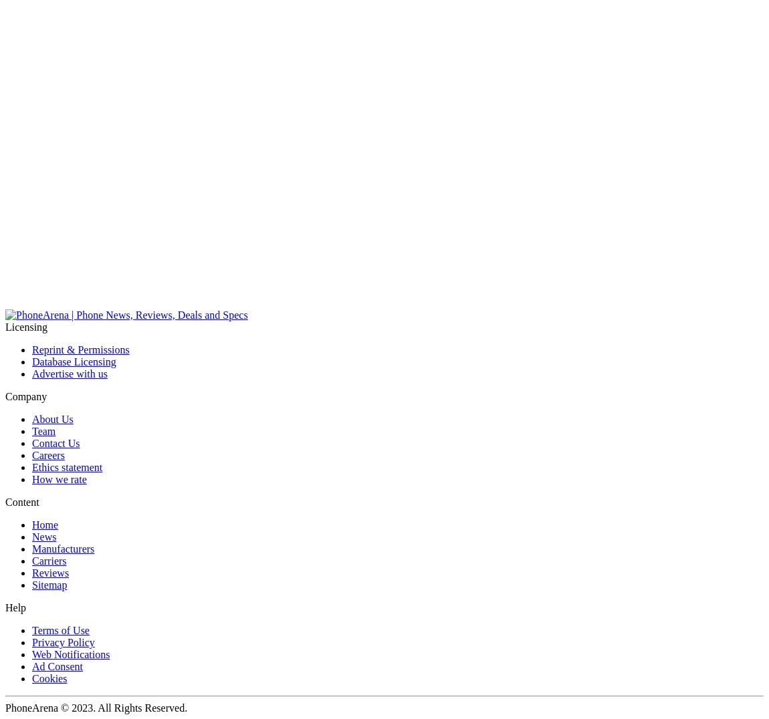 This screenshot has height=719, width=769. What do you see at coordinates (48, 678) in the screenshot?
I see `'Cookies'` at bounding box center [48, 678].